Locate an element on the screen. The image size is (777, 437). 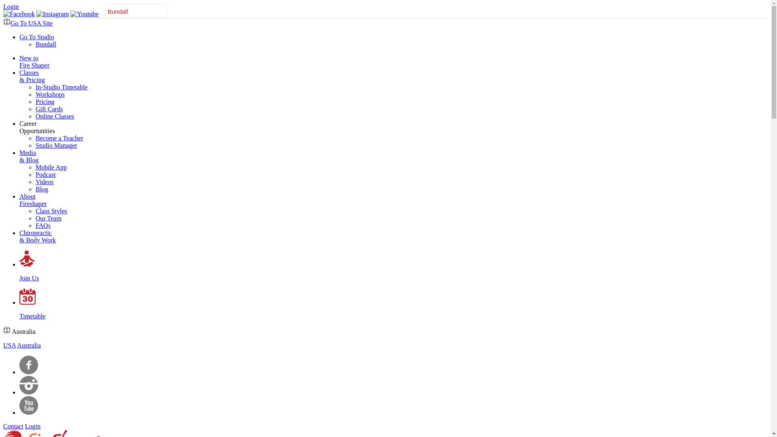
'Timetable' is located at coordinates (393, 309).